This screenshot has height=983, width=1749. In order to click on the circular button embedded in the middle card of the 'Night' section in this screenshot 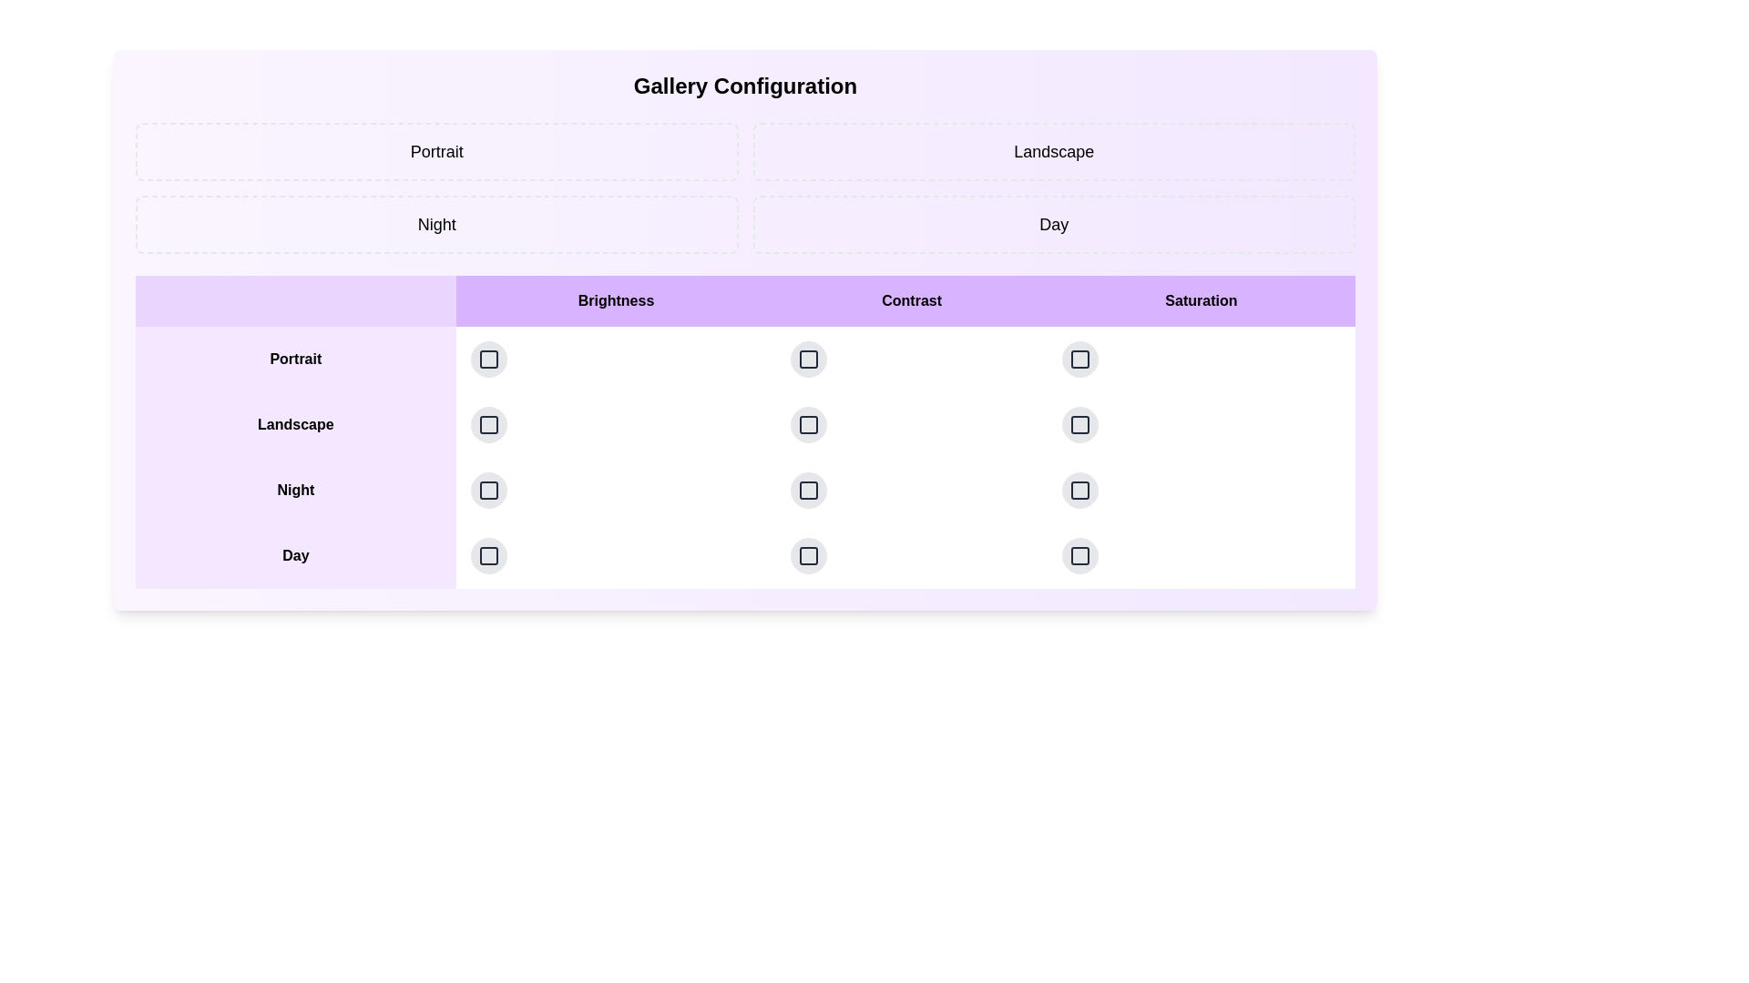, I will do `click(912, 490)`.